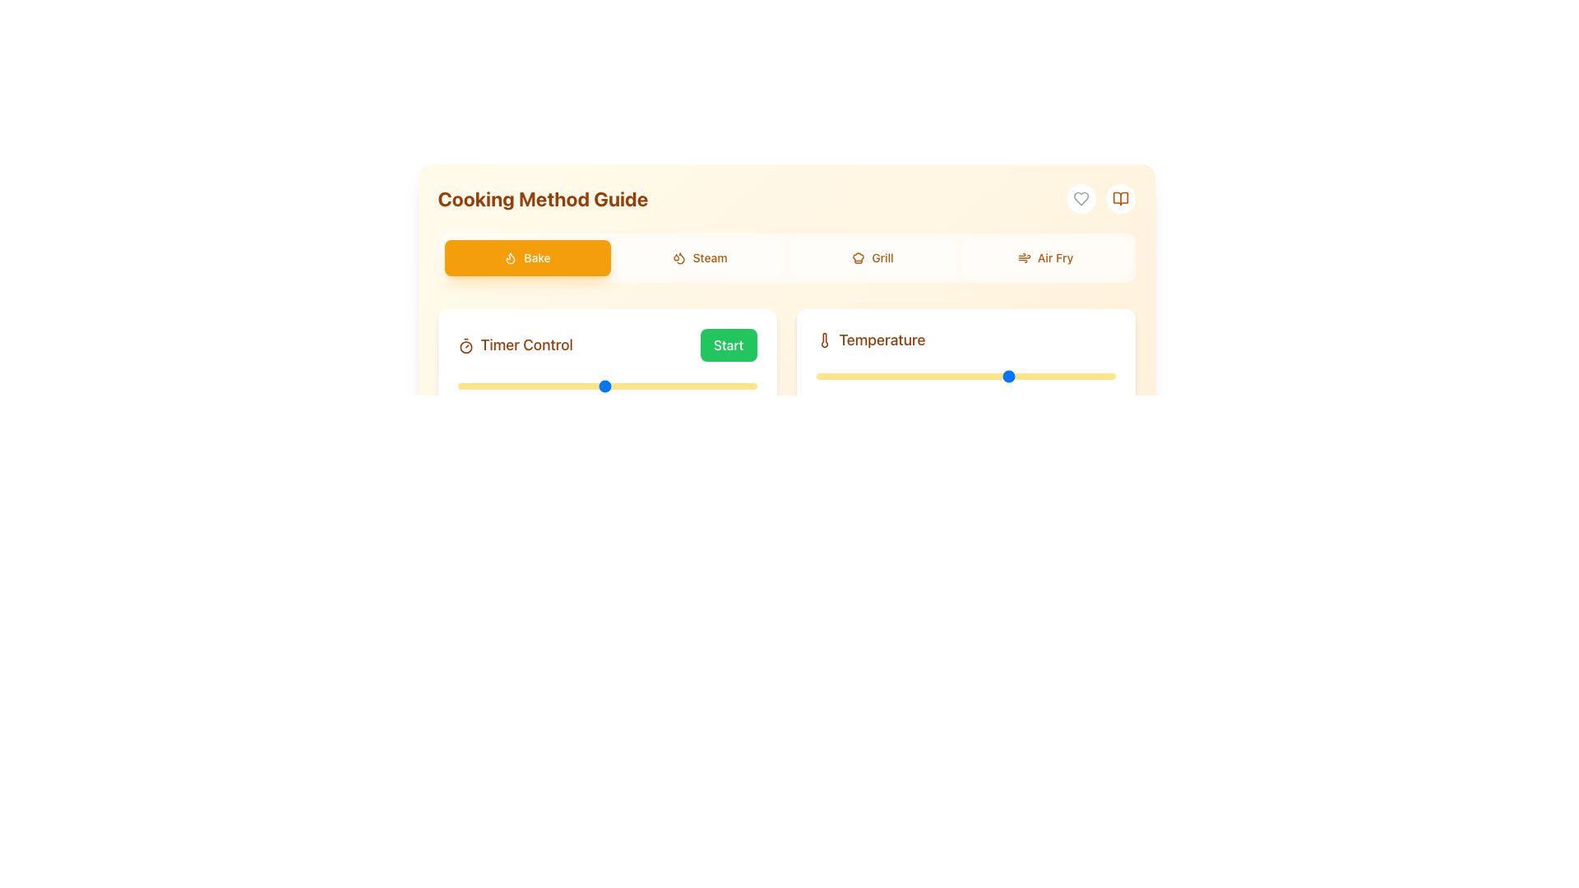  I want to click on the heart icon located in the top-right area of the interface, which is inside a circular button with a white background and gray outline, so click(1081, 198).